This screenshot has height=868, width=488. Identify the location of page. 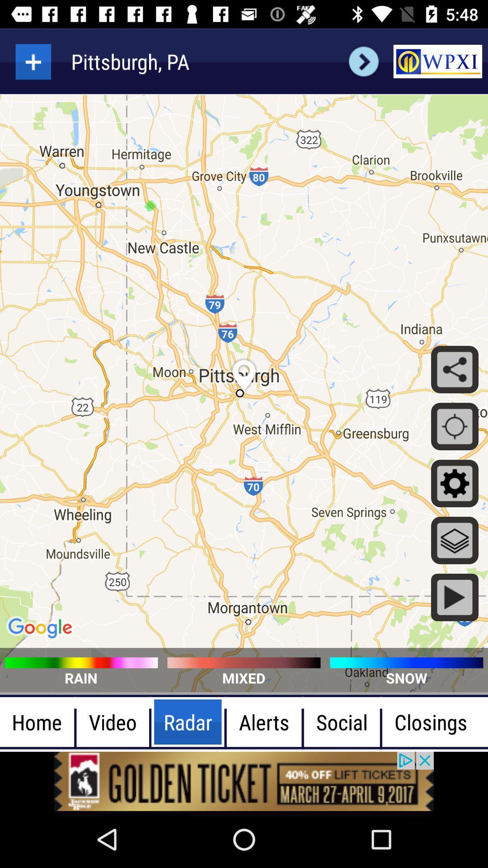
(33, 61).